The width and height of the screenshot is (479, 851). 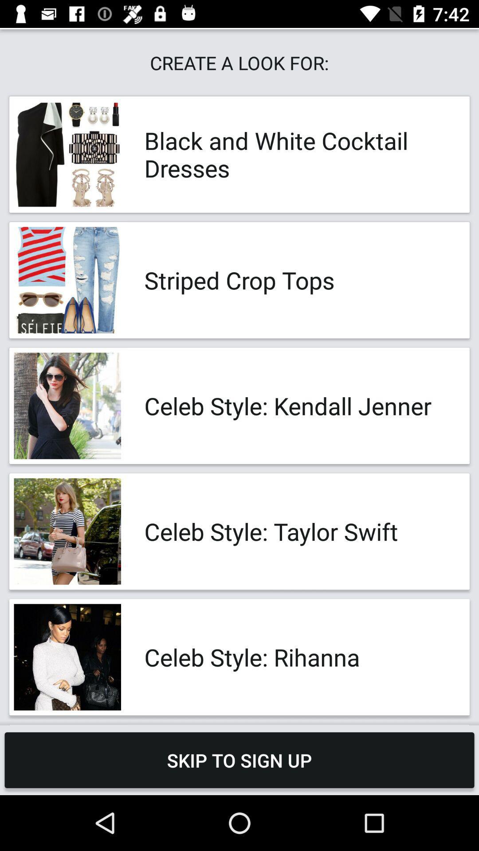 I want to click on summer staples under, so click(x=298, y=725).